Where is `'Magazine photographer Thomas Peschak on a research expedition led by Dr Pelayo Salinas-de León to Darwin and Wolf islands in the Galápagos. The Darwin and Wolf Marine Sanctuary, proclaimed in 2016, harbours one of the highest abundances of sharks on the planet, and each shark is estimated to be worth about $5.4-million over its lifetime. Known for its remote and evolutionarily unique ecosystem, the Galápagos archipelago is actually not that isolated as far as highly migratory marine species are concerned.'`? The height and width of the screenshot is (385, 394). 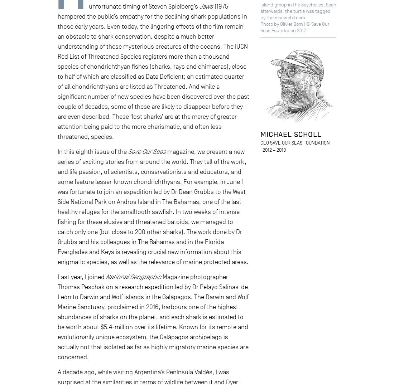 'Magazine photographer Thomas Peschak on a research expedition led by Dr Pelayo Salinas-de León to Darwin and Wolf islands in the Galápagos. The Darwin and Wolf Marine Sanctuary, proclaimed in 2016, harbours one of the highest abundances of sharks on the planet, and each shark is estimated to be worth about $5.4-million over its lifetime. Known for its remote and evolutionarily unique ecosystem, the Galápagos archipelago is actually not that isolated as far as highly migratory marine species are concerned.' is located at coordinates (152, 317).